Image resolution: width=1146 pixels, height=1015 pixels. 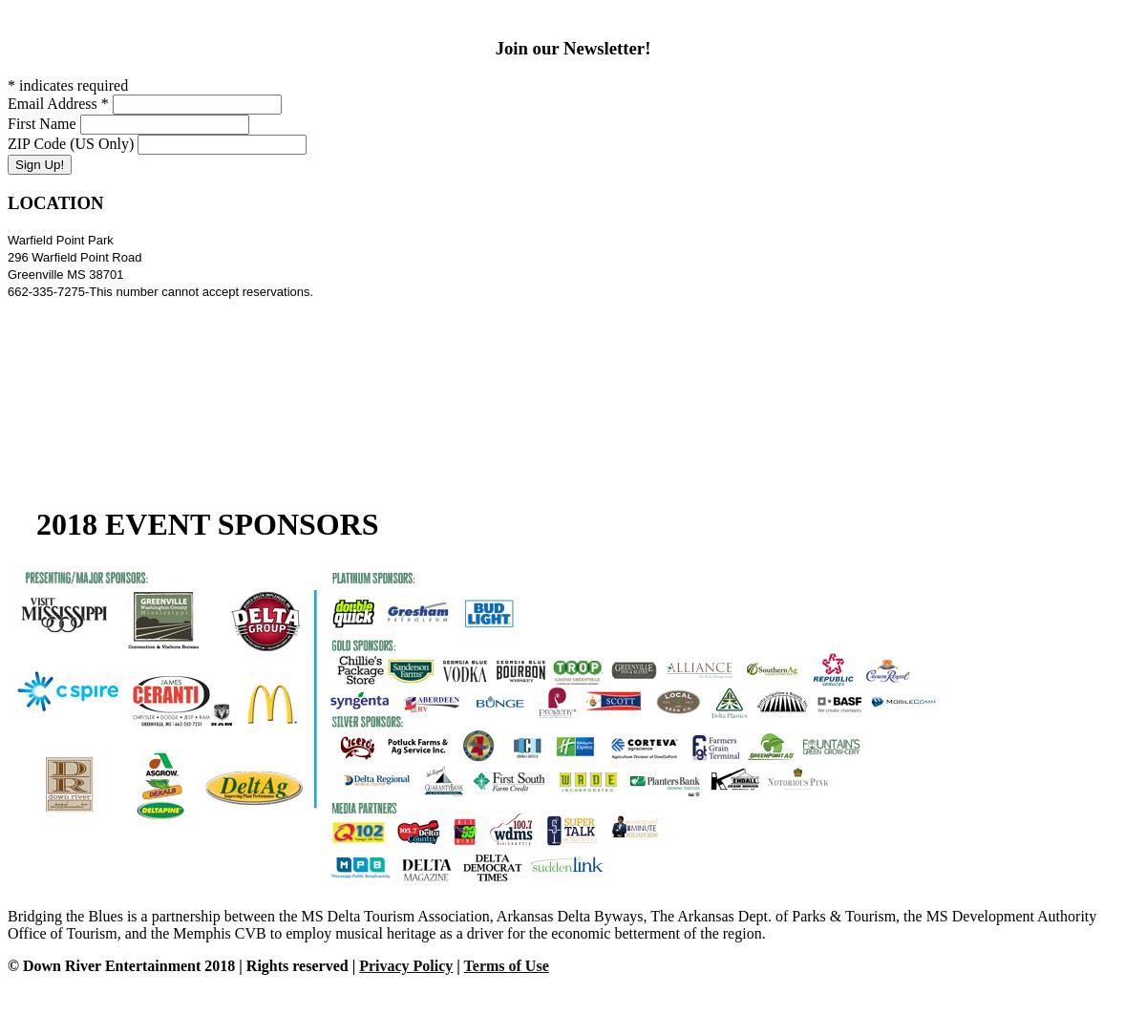 I want to click on 'Warfield Point Park', so click(x=60, y=240).